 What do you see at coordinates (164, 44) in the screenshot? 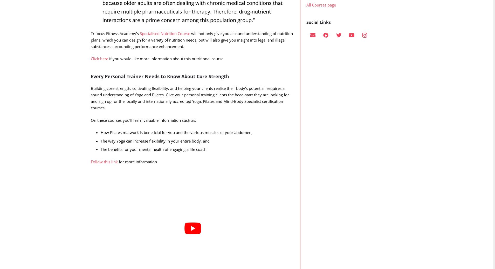
I see `'Specialised Nutrition Course'` at bounding box center [164, 44].